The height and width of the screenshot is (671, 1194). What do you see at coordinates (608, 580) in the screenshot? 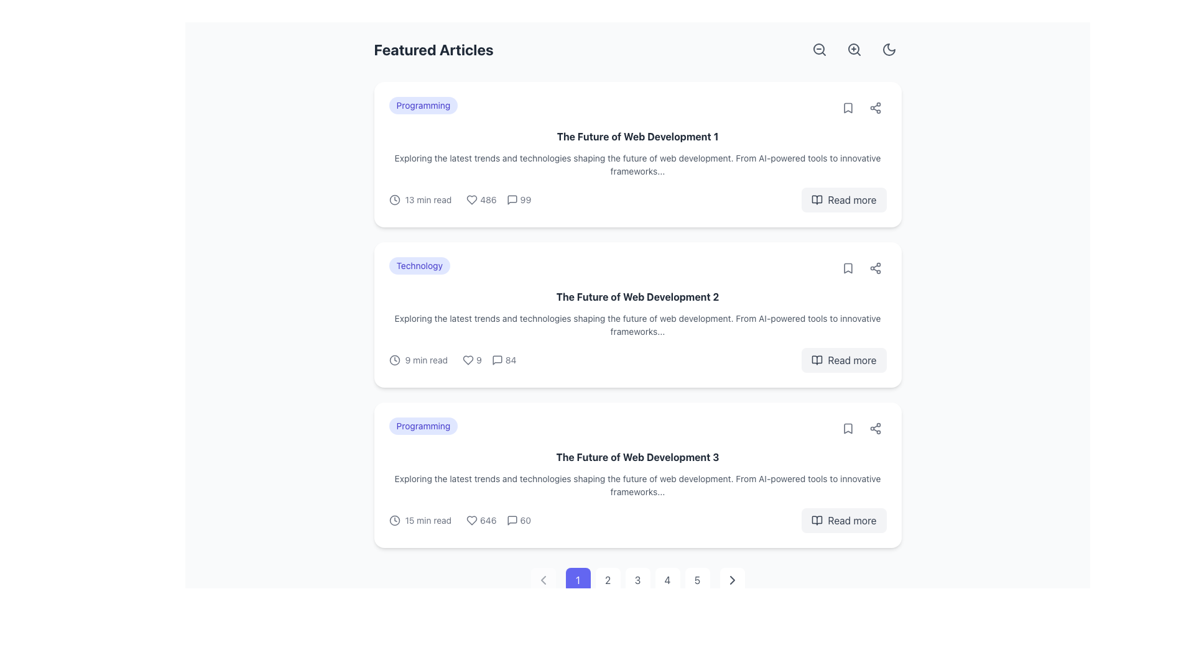
I see `the circular button containing the number '2' in dark gray text` at bounding box center [608, 580].